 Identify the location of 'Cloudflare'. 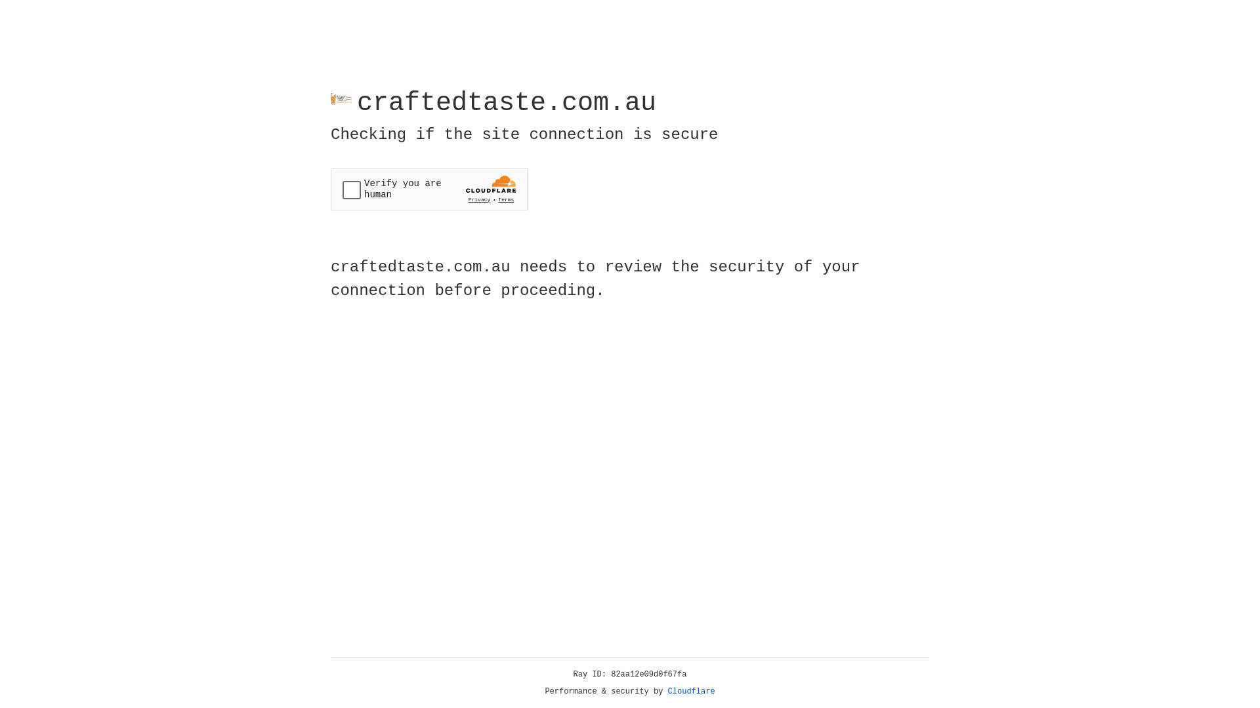
(691, 691).